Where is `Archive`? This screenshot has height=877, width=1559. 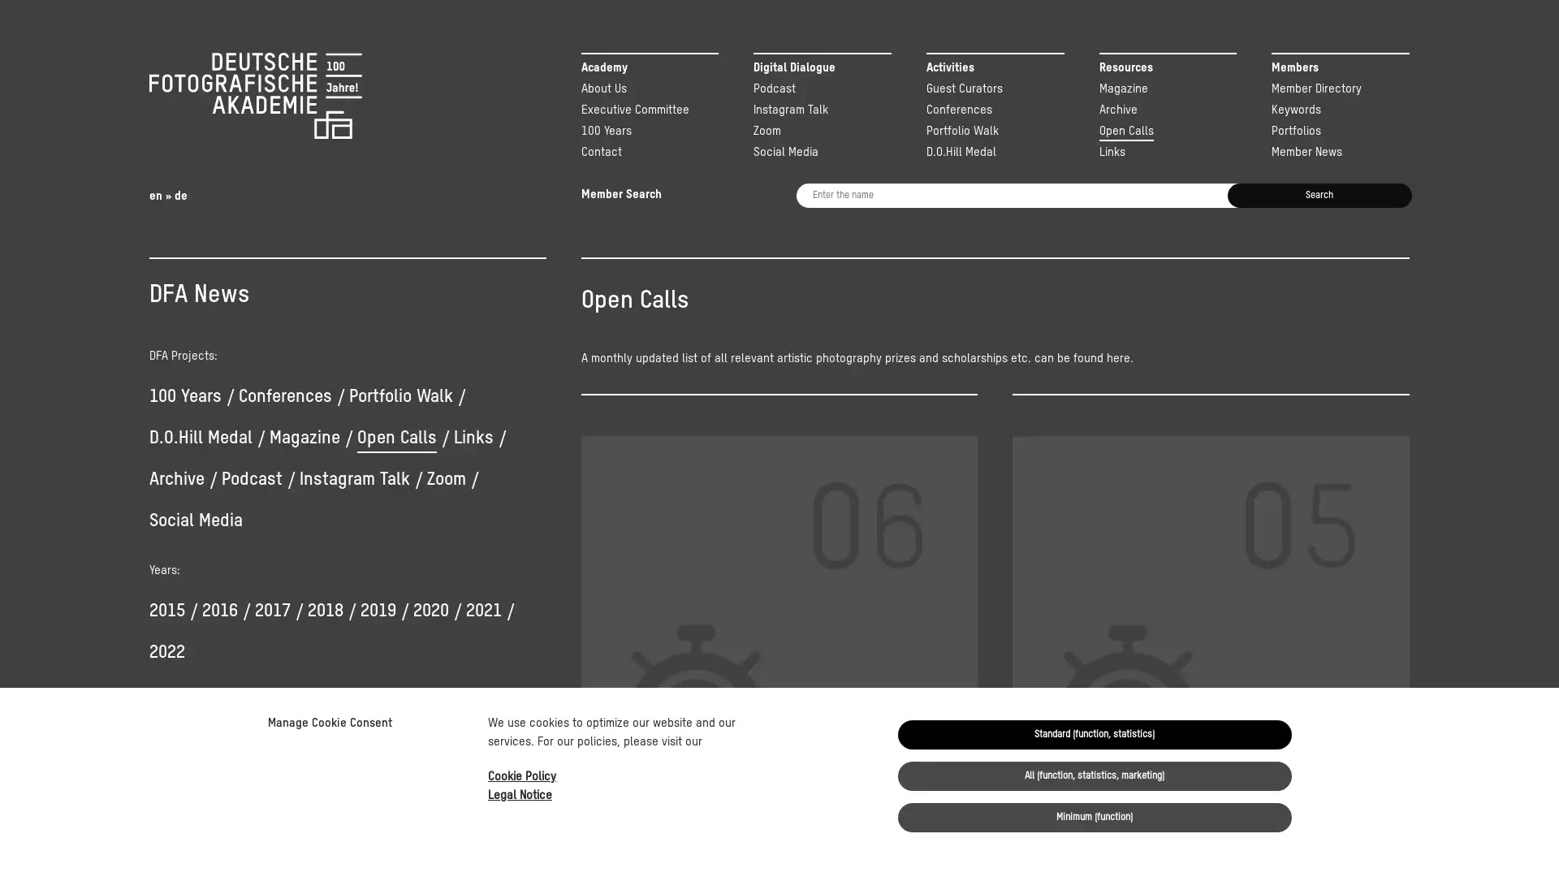
Archive is located at coordinates (176, 478).